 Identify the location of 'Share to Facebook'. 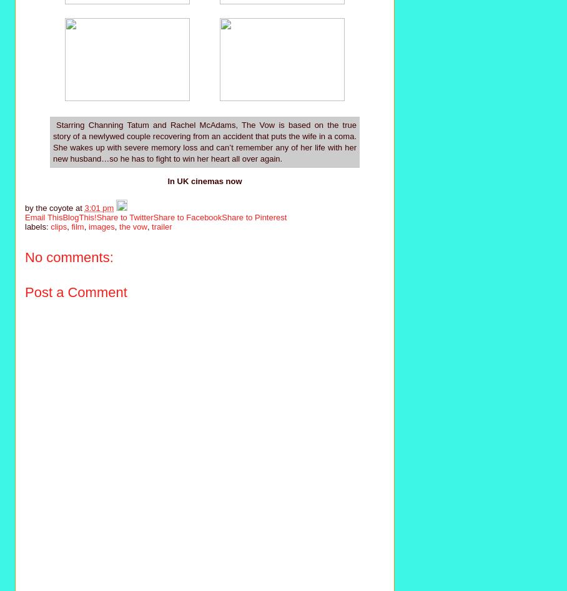
(187, 217).